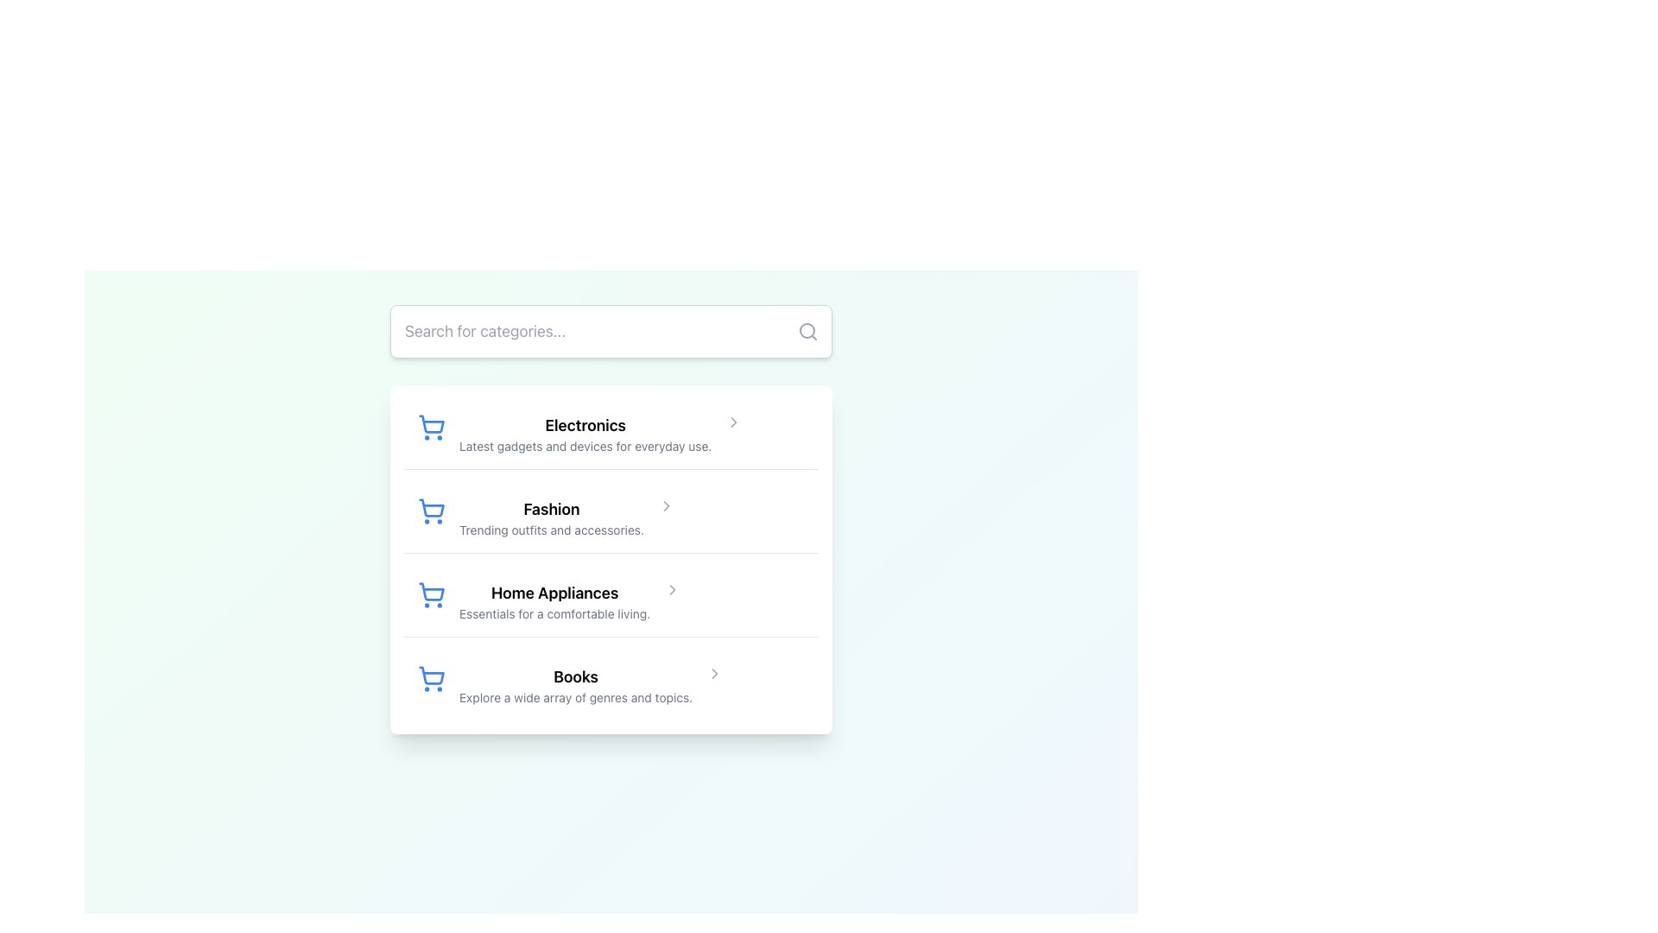 Image resolution: width=1658 pixels, height=933 pixels. Describe the element at coordinates (666, 505) in the screenshot. I see `the rightward-facing chevron icon associated with the 'Fashion' category list item` at that location.